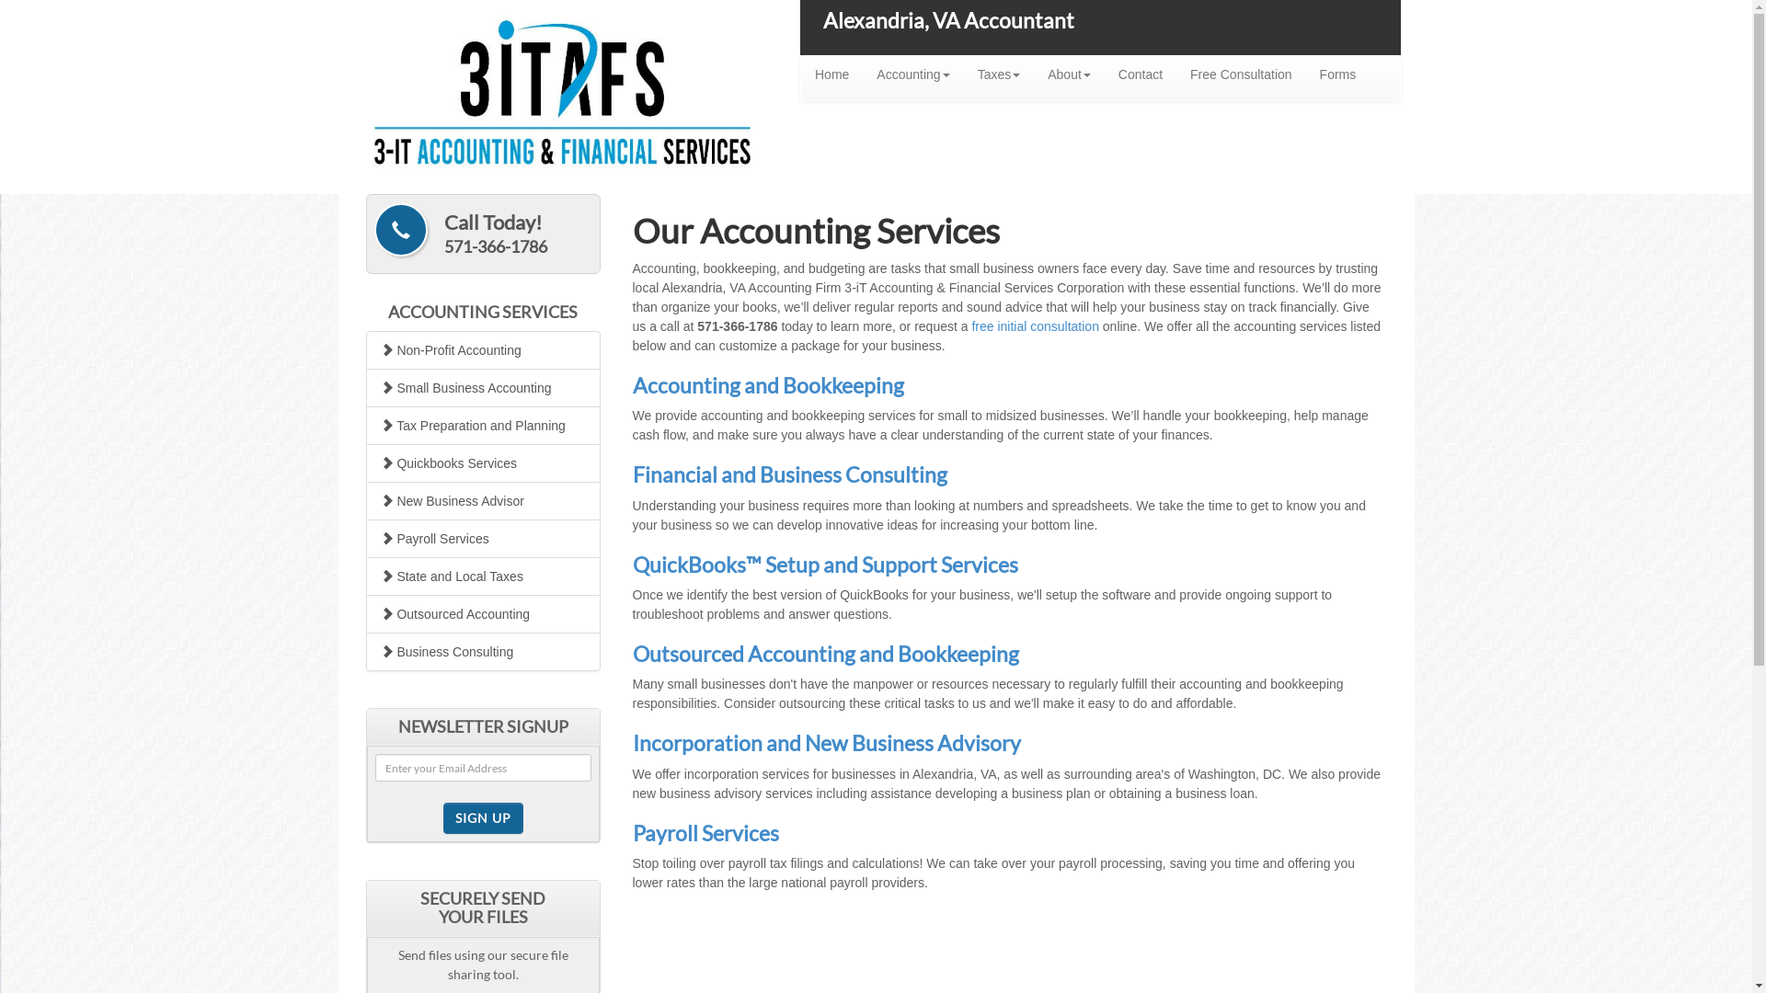 This screenshot has height=993, width=1766. Describe the element at coordinates (1069, 74) in the screenshot. I see `'About'` at that location.